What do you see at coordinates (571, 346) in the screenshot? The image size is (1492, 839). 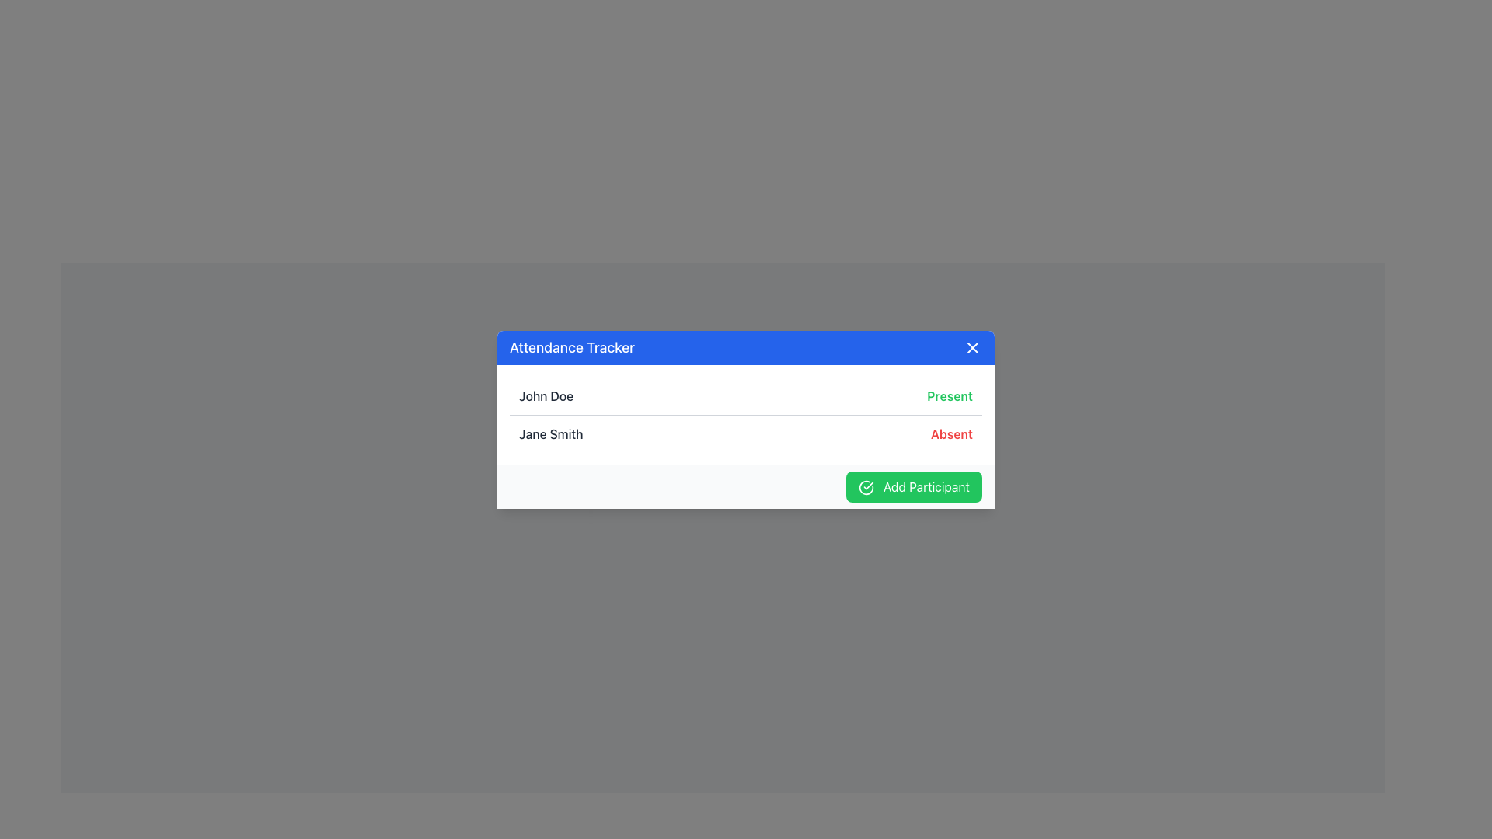 I see `text label 'Attendance Tracker' displayed in a large white font within the blue header bar of the modal window` at bounding box center [571, 346].